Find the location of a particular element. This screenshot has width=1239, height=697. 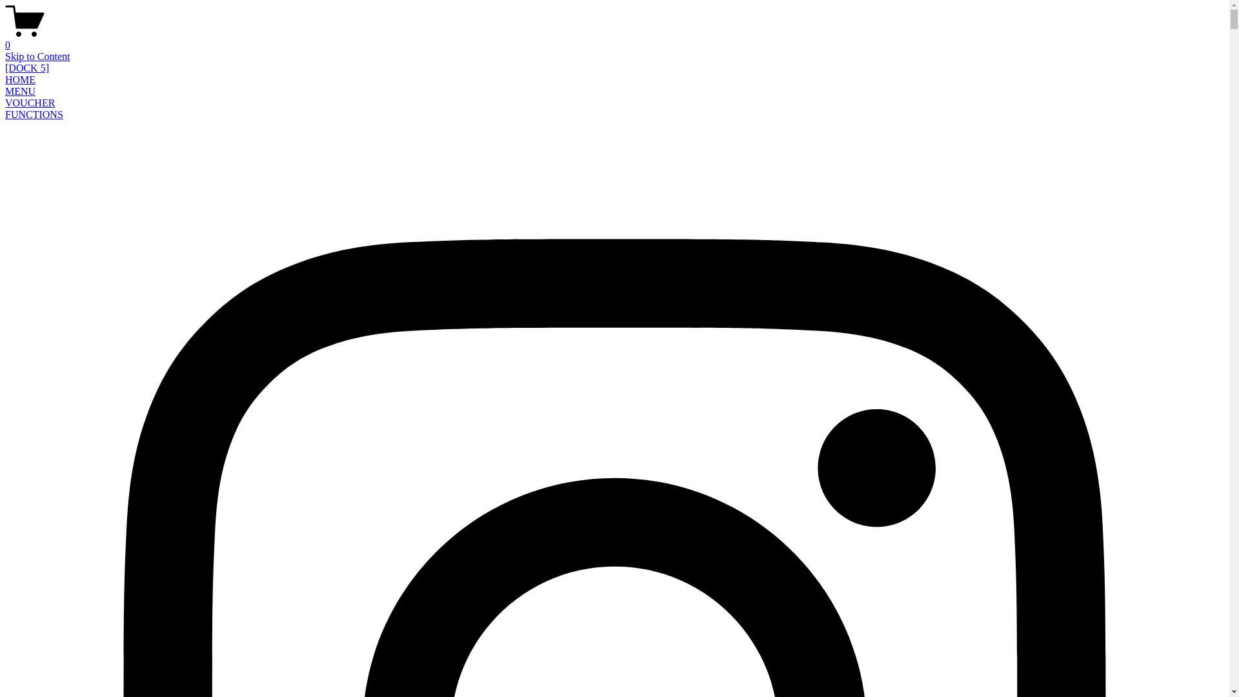

'FUNCTIONS' is located at coordinates (34, 114).